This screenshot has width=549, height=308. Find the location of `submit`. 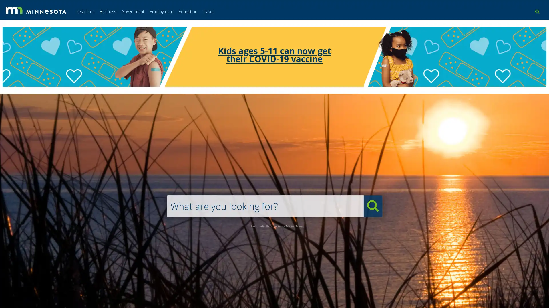

submit is located at coordinates (372, 206).